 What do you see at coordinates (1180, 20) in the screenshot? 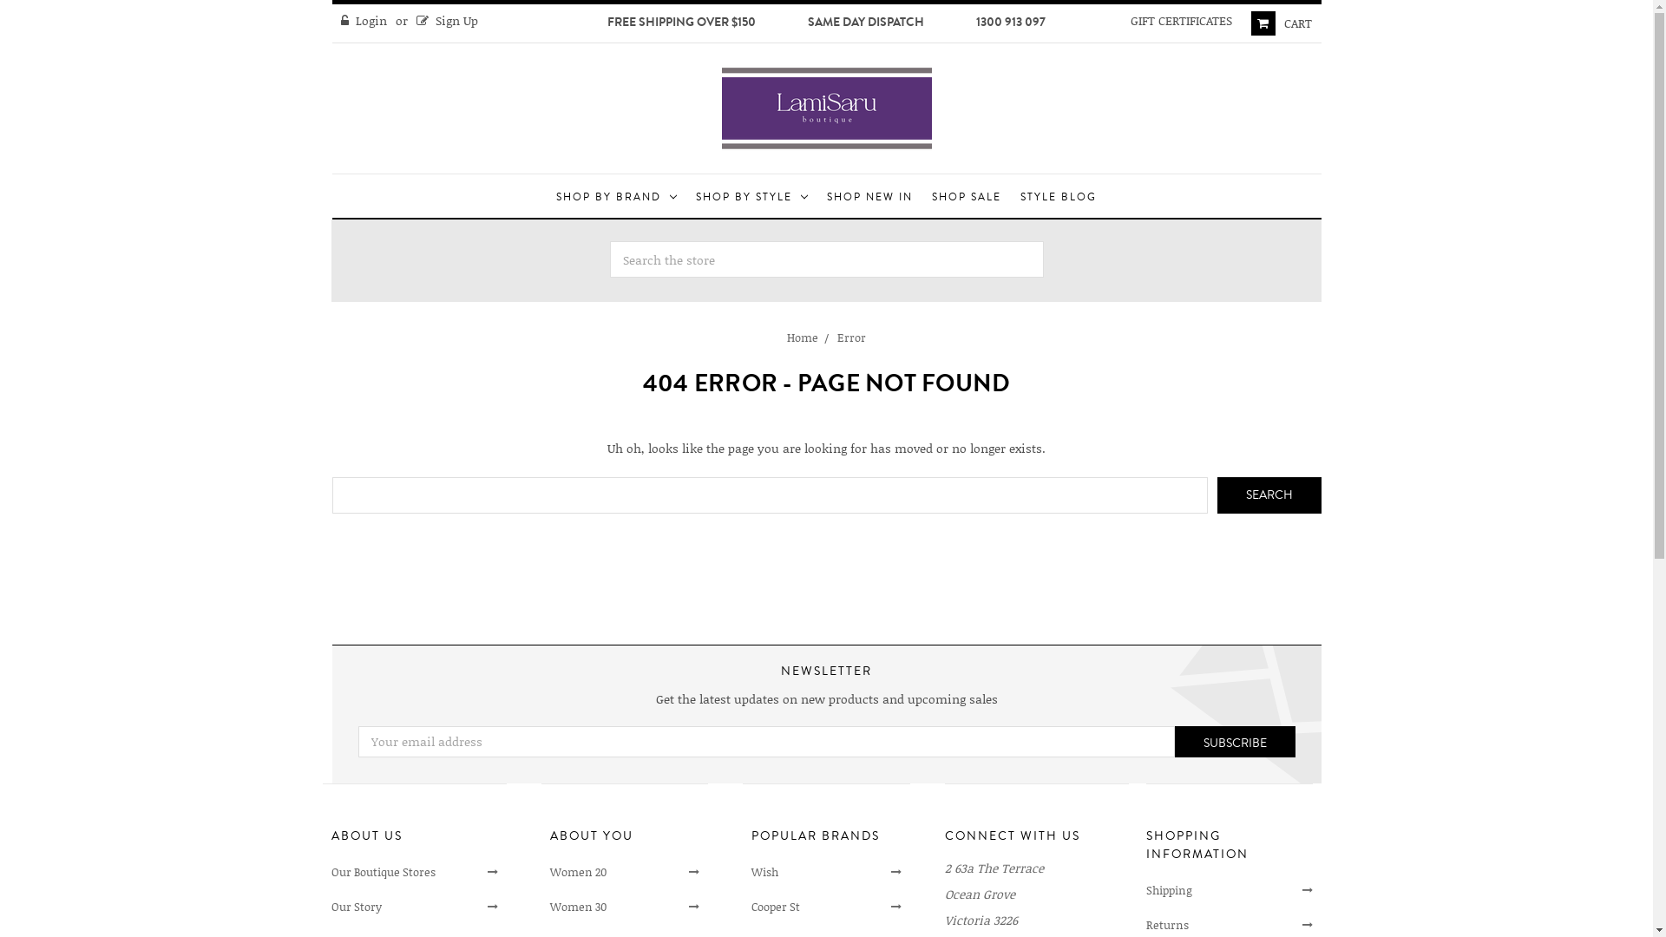
I see `'GIFT CERTIFICATES'` at bounding box center [1180, 20].